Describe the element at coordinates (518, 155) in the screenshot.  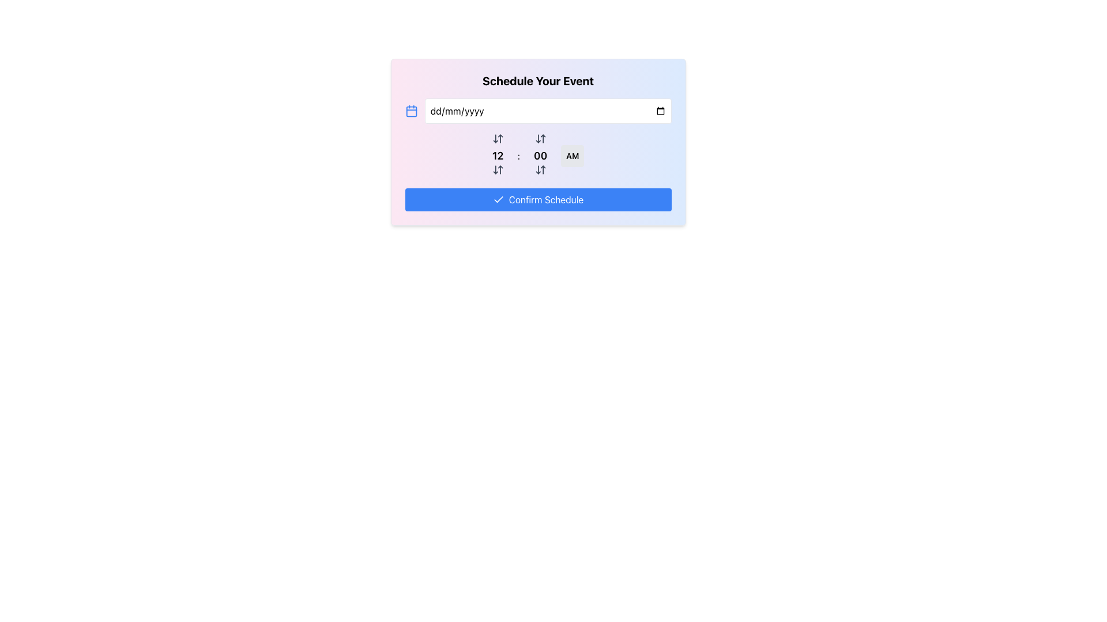
I see `the text label displaying a colon character (':') which is centrally positioned between the numeric elements '12' and '00' in a time display format` at that location.